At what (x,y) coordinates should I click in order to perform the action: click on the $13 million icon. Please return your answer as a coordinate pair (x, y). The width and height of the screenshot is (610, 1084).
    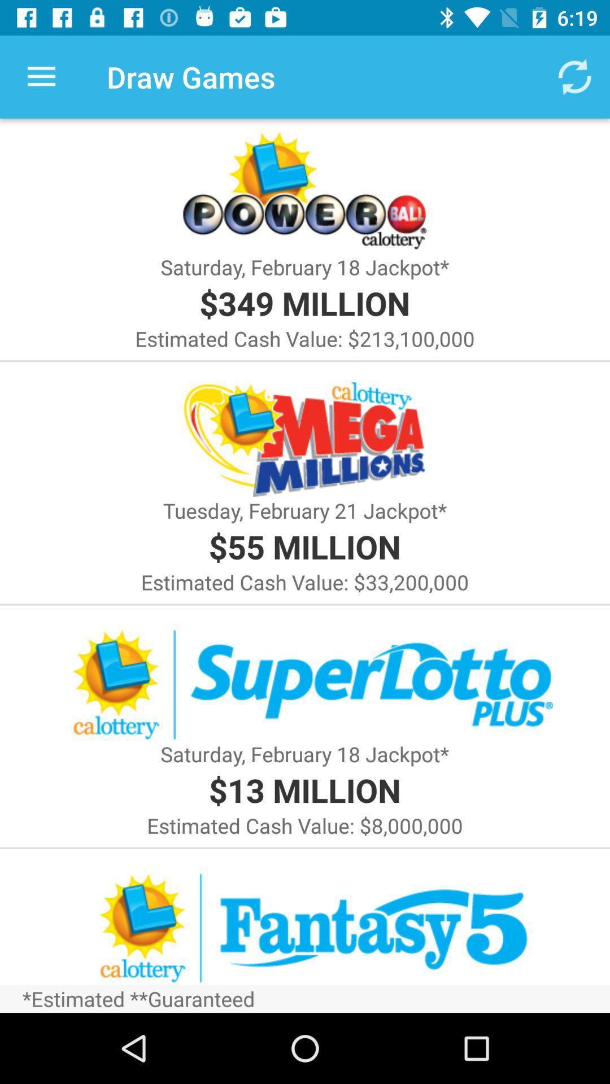
    Looking at the image, I should click on (304, 789).